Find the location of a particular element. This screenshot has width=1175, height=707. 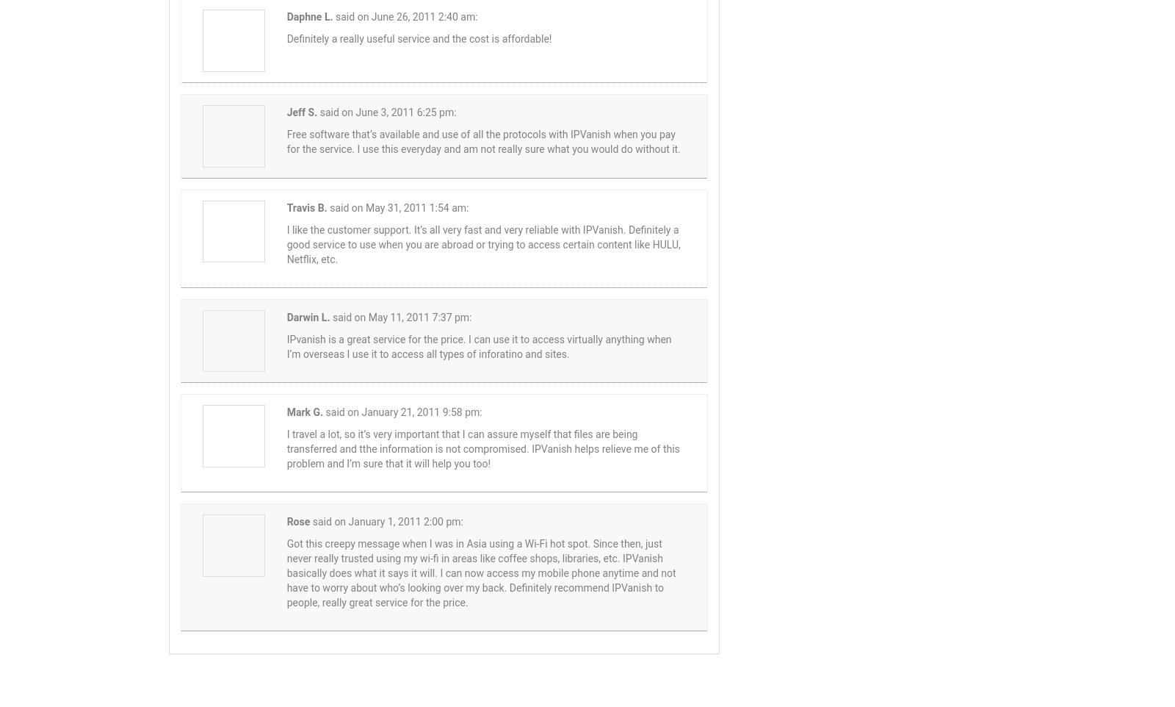

'Daphne L.' is located at coordinates (286, 15).